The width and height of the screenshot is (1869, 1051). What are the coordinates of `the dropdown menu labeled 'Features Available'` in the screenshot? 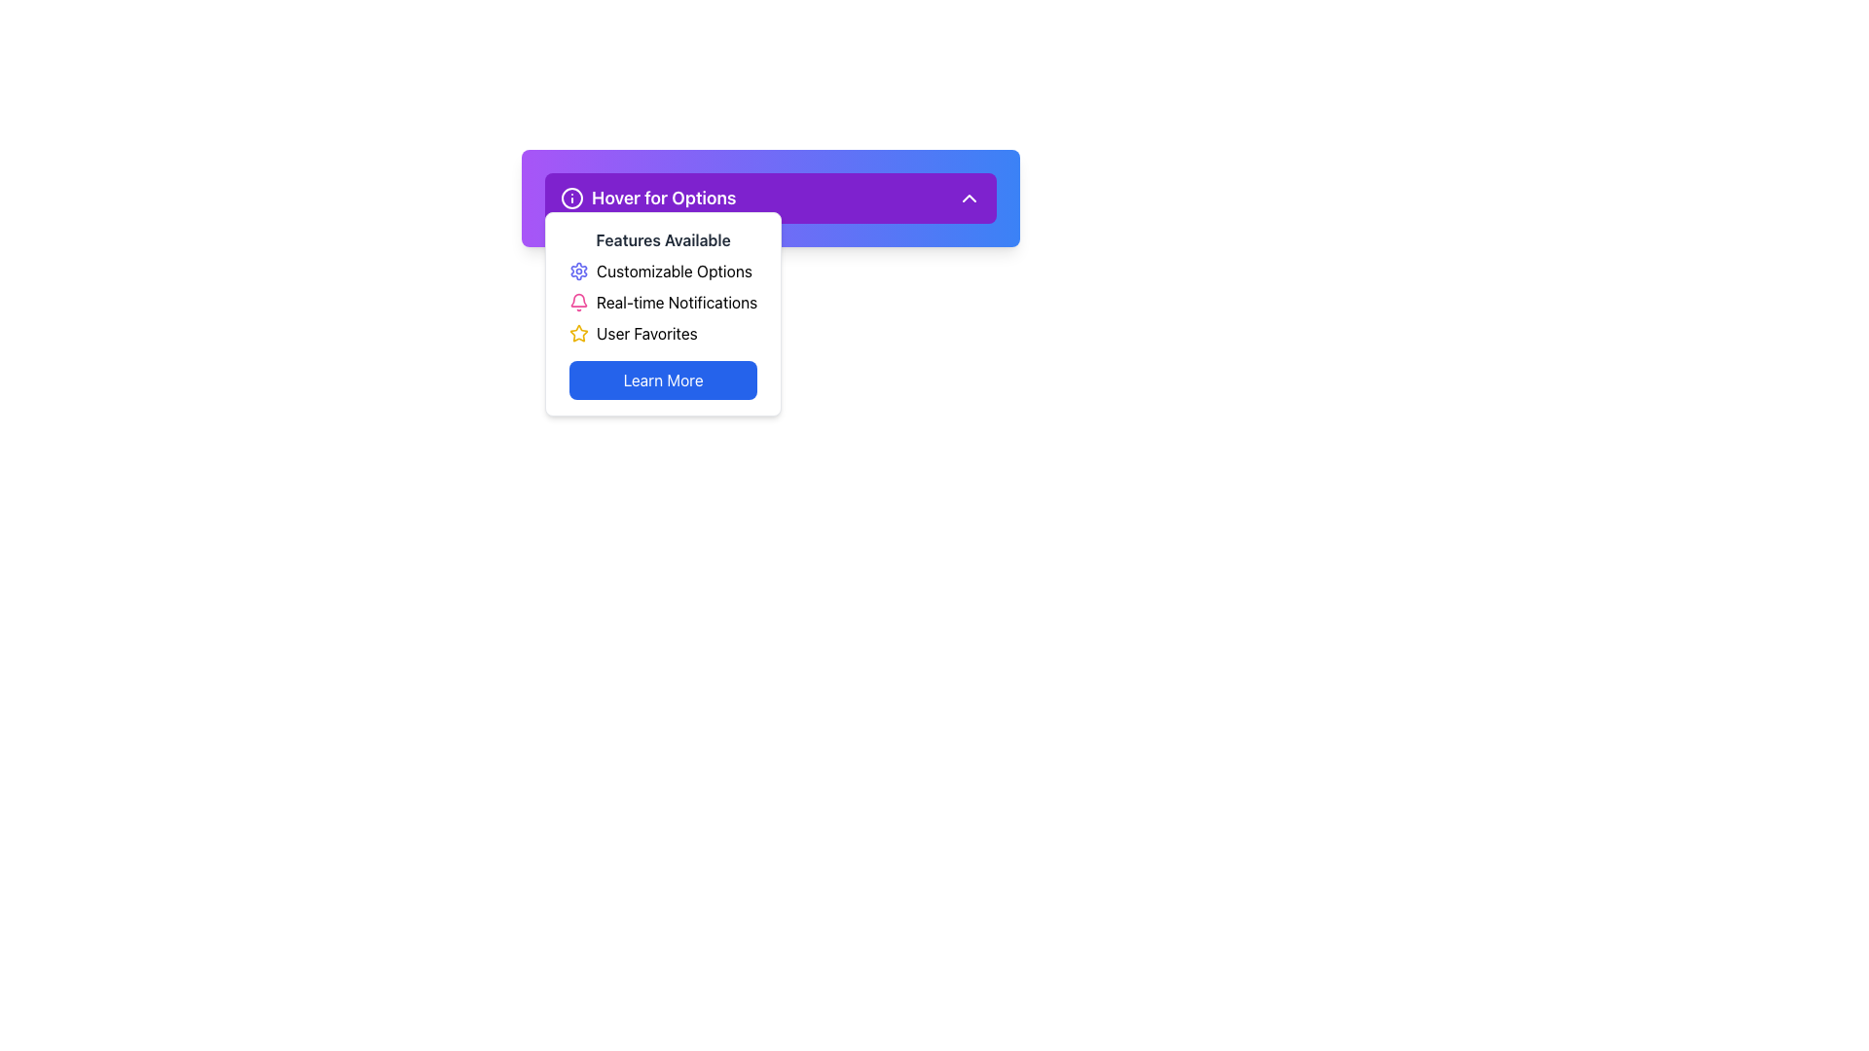 It's located at (663, 313).